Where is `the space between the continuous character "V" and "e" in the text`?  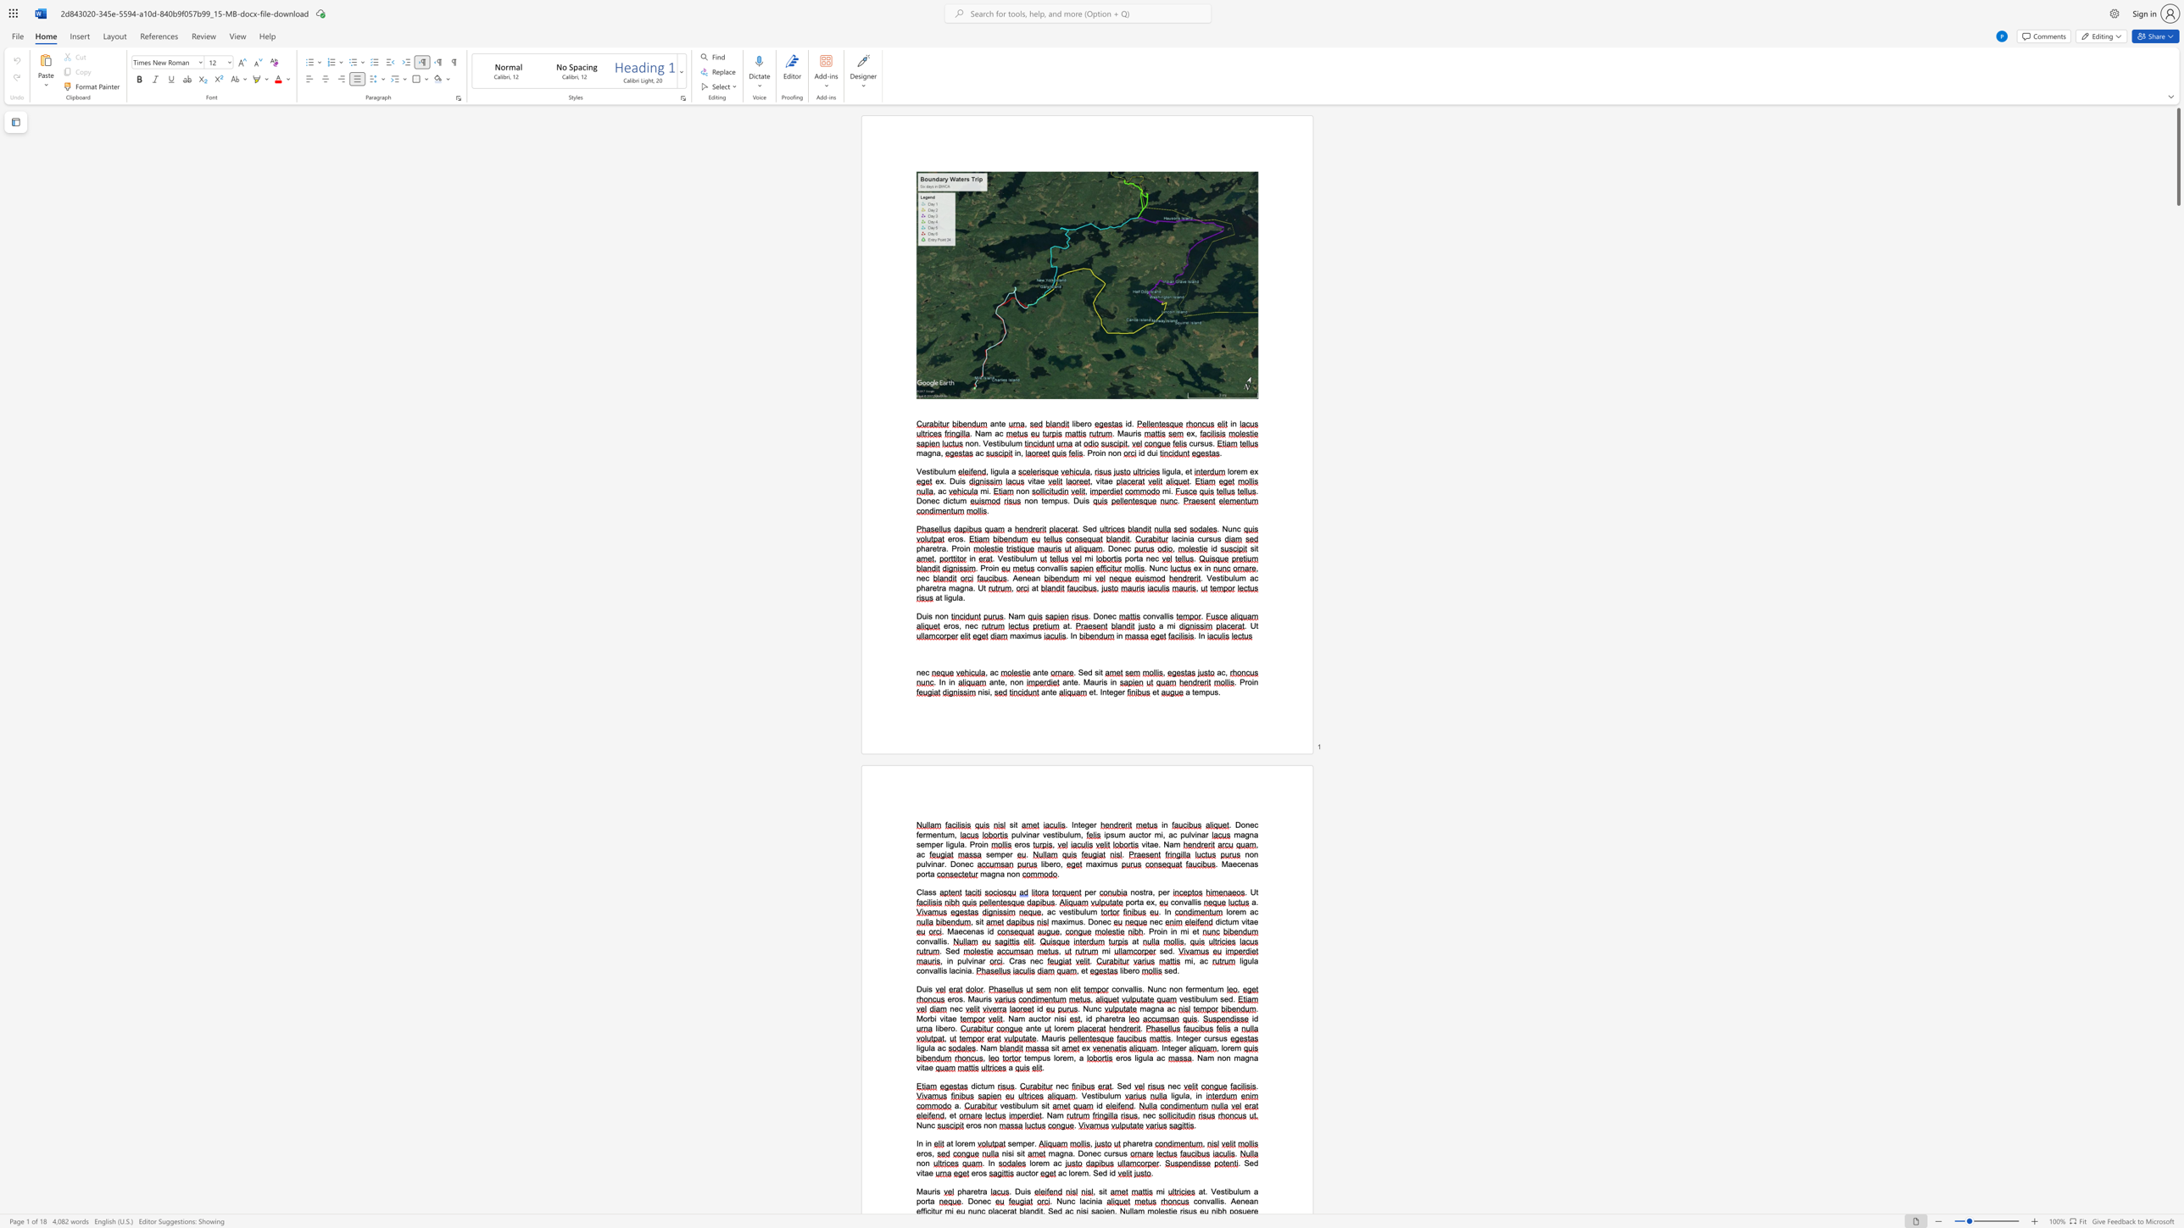
the space between the continuous character "V" and "e" in the text is located at coordinates (987, 442).